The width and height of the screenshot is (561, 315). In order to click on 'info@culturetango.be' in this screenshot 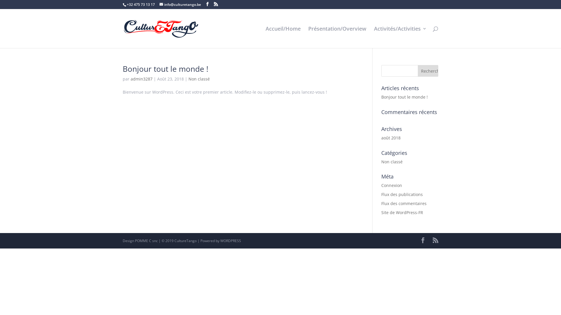, I will do `click(180, 4)`.